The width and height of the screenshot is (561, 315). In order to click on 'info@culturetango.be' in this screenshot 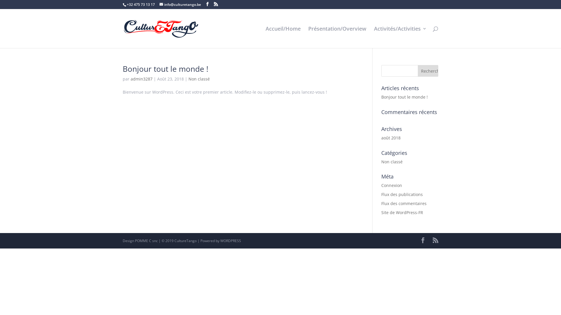, I will do `click(180, 4)`.